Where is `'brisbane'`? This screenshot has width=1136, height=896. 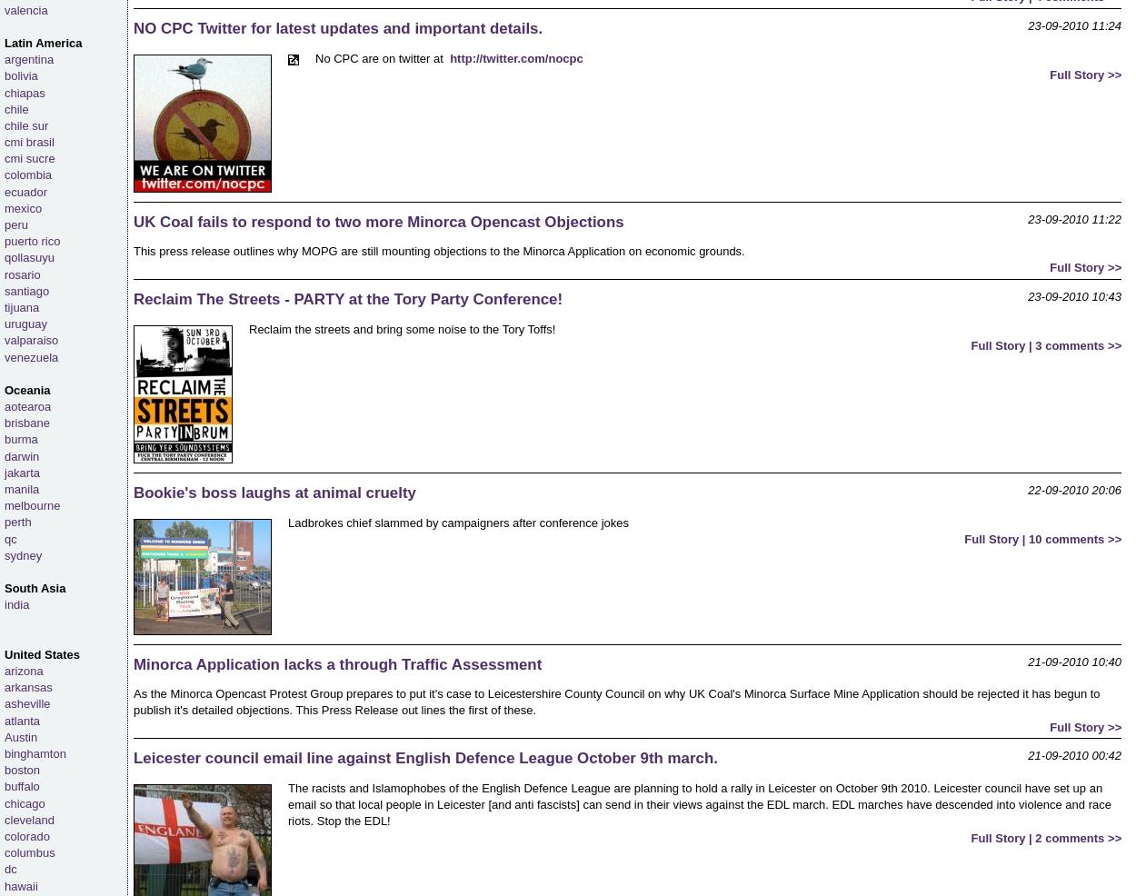
'brisbane' is located at coordinates (26, 423).